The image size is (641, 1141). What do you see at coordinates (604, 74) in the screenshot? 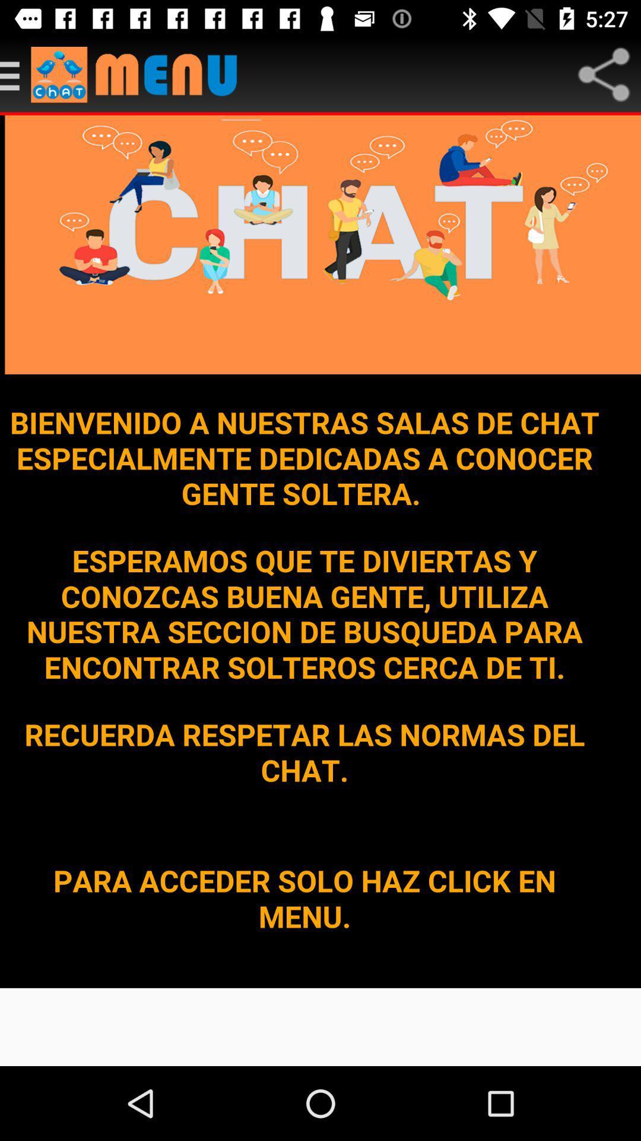
I see `share` at bounding box center [604, 74].